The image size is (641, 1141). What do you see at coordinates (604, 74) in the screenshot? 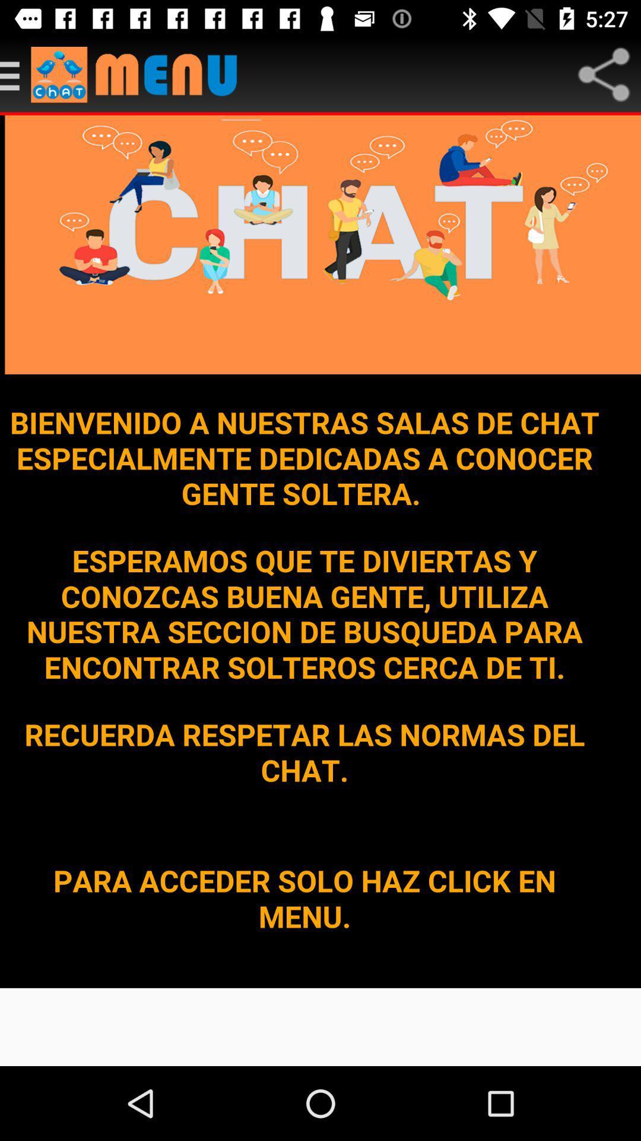
I see `share` at bounding box center [604, 74].